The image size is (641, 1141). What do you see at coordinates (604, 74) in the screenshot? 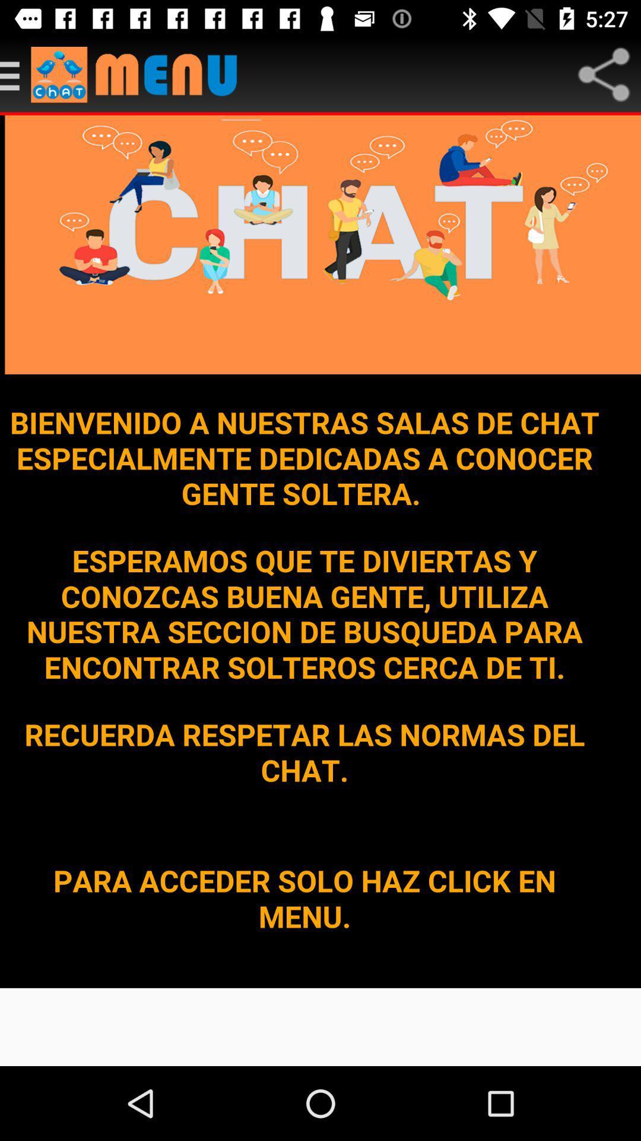
I see `share` at bounding box center [604, 74].